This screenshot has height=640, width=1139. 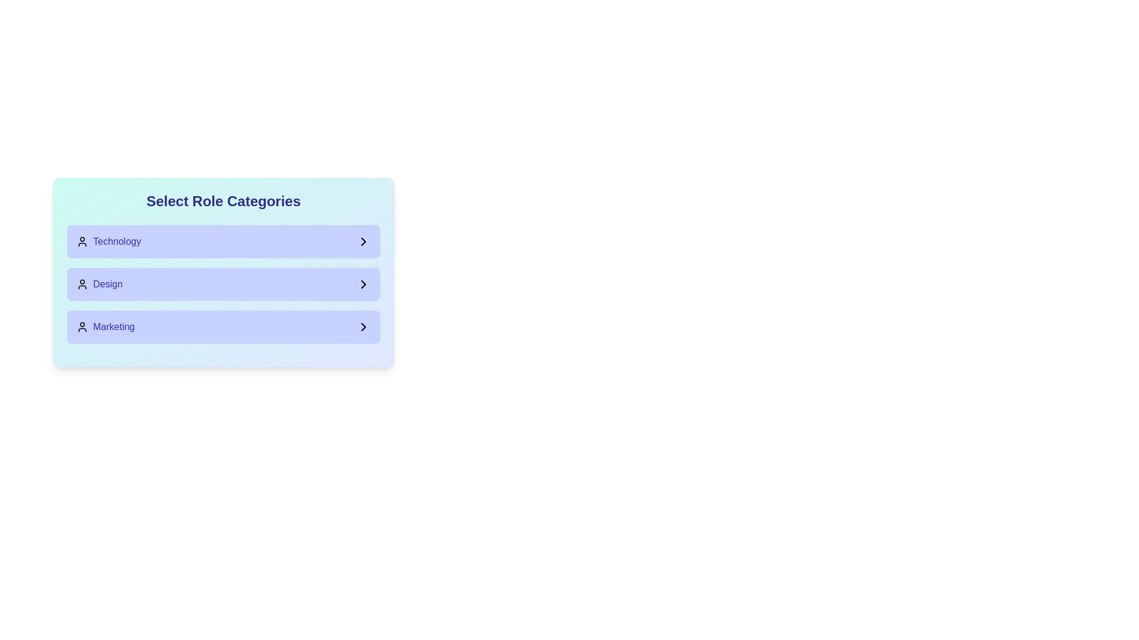 What do you see at coordinates (363, 284) in the screenshot?
I see `the chevron icon located to the far-right of the 'Design' label` at bounding box center [363, 284].